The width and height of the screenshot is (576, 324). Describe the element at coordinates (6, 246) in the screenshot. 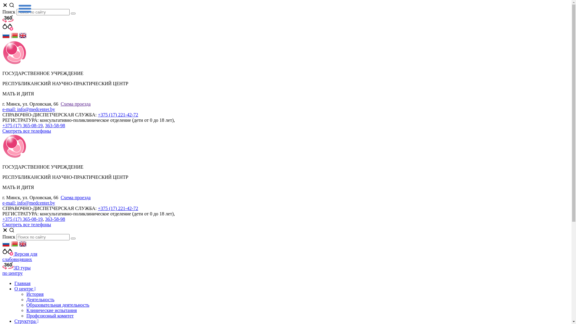

I see `'Russian'` at that location.